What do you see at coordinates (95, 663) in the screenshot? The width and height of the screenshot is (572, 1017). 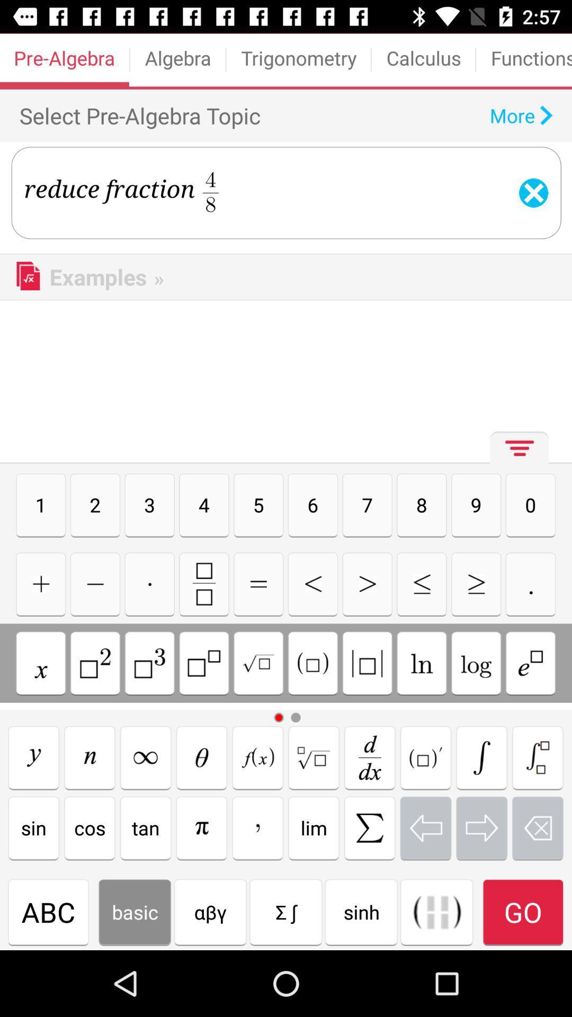 I see `maths user option` at bounding box center [95, 663].